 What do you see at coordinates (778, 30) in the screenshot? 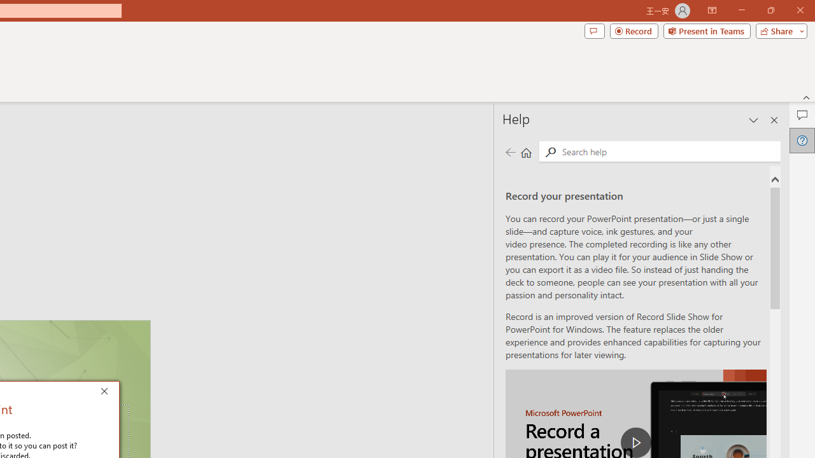
I see `'Share'` at bounding box center [778, 30].